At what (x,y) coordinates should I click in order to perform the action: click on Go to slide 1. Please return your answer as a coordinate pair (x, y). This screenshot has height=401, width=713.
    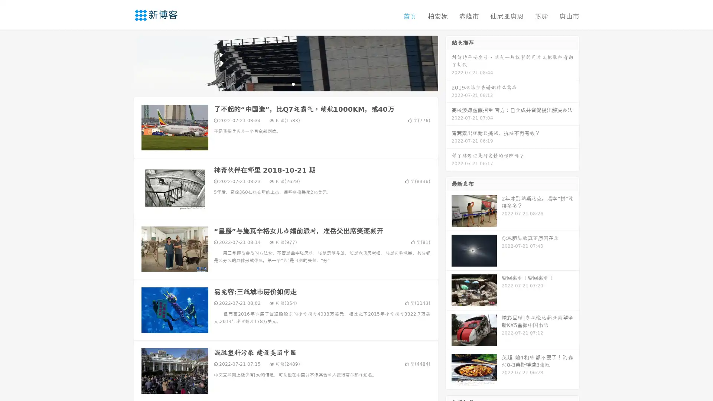
    Looking at the image, I should click on (278, 84).